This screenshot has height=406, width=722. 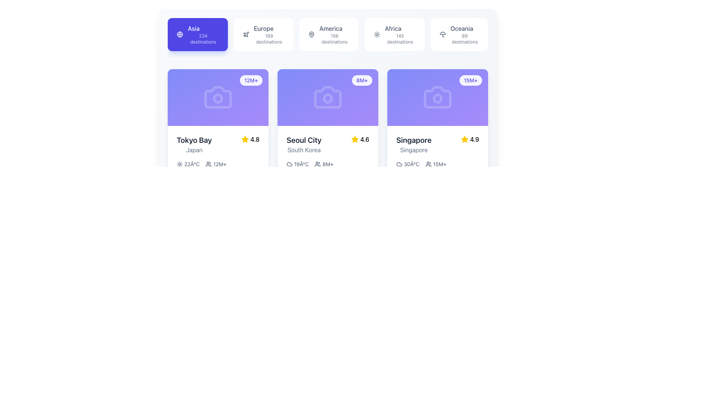 I want to click on the 'Europe' button, which has a white background, light gray text, an airplane icon on the left, and displays '189 destinations' below the label, so click(x=263, y=35).